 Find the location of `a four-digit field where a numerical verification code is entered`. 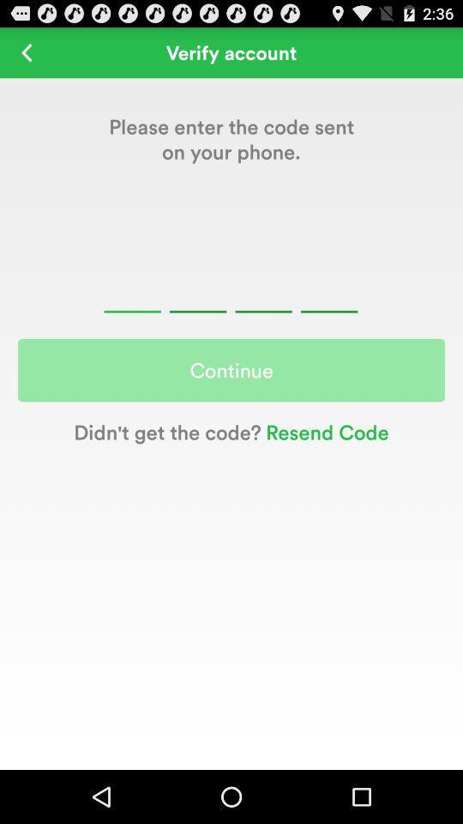

a four-digit field where a numerical verification code is entered is located at coordinates (231, 291).